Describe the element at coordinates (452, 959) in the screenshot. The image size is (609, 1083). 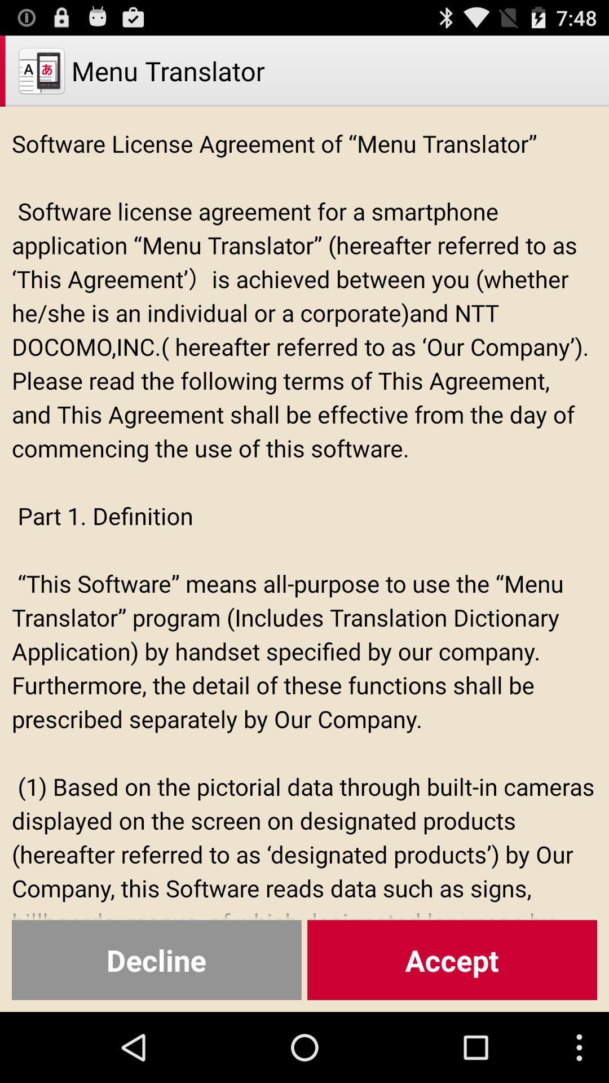
I see `the button to the right of decline icon` at that location.